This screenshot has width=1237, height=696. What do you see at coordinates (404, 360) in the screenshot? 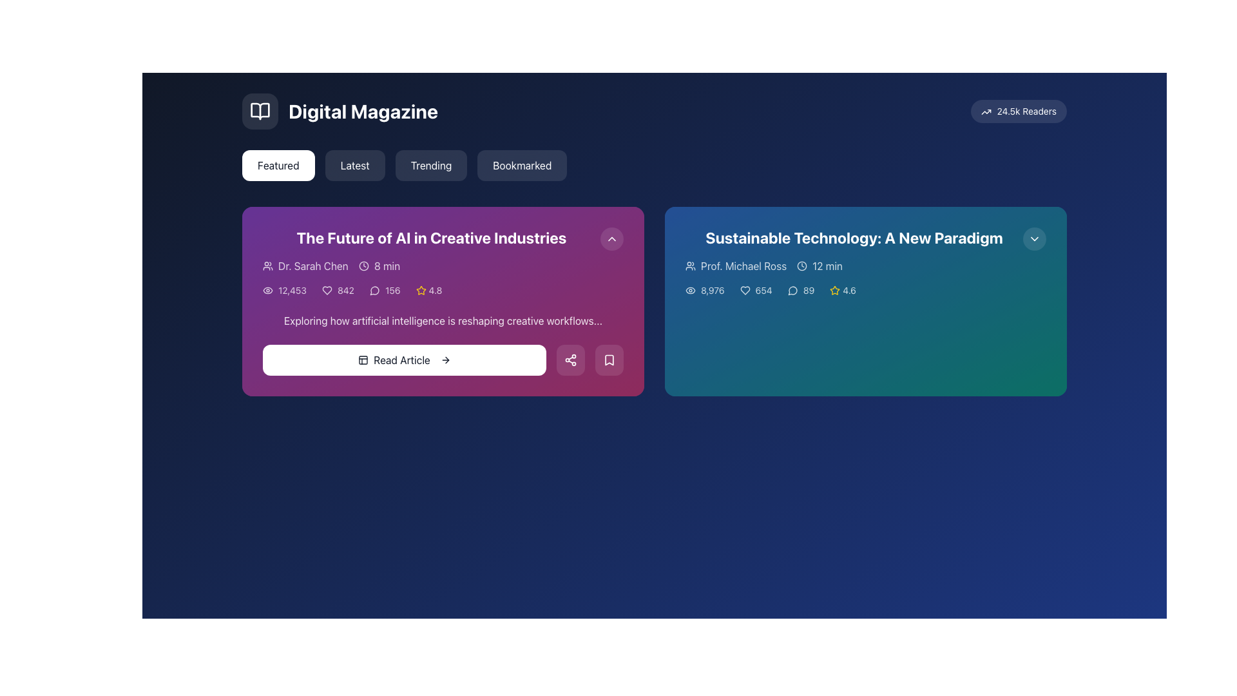
I see `the 'Read Article' button which is a rectangular interactive element with a white background and gray text, located in the first row of the card layout underneath the article titled 'The Future of AI in Creative Industries'` at bounding box center [404, 360].